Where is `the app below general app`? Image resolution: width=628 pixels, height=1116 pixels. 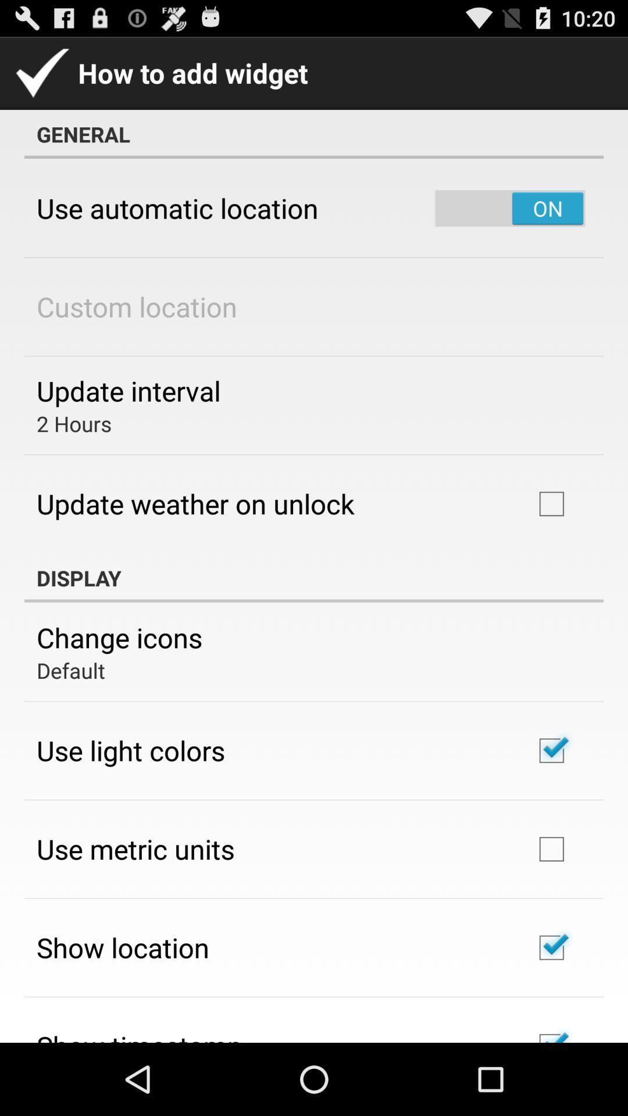
the app below general app is located at coordinates (509, 208).